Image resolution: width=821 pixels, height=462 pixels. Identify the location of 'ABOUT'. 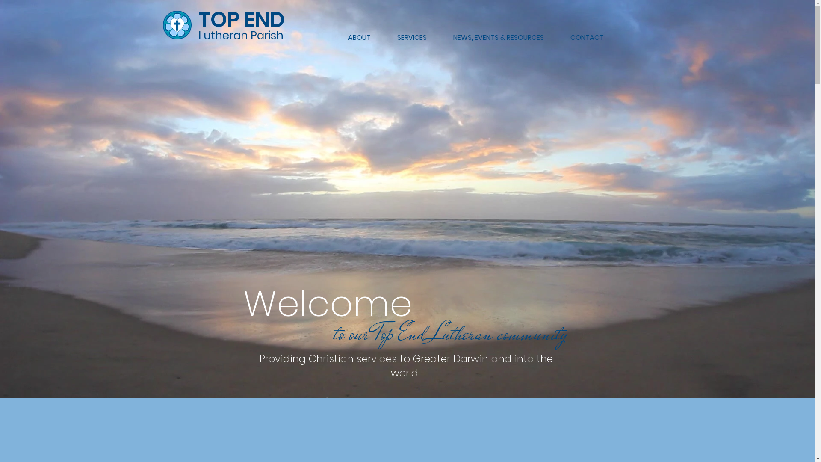
(359, 37).